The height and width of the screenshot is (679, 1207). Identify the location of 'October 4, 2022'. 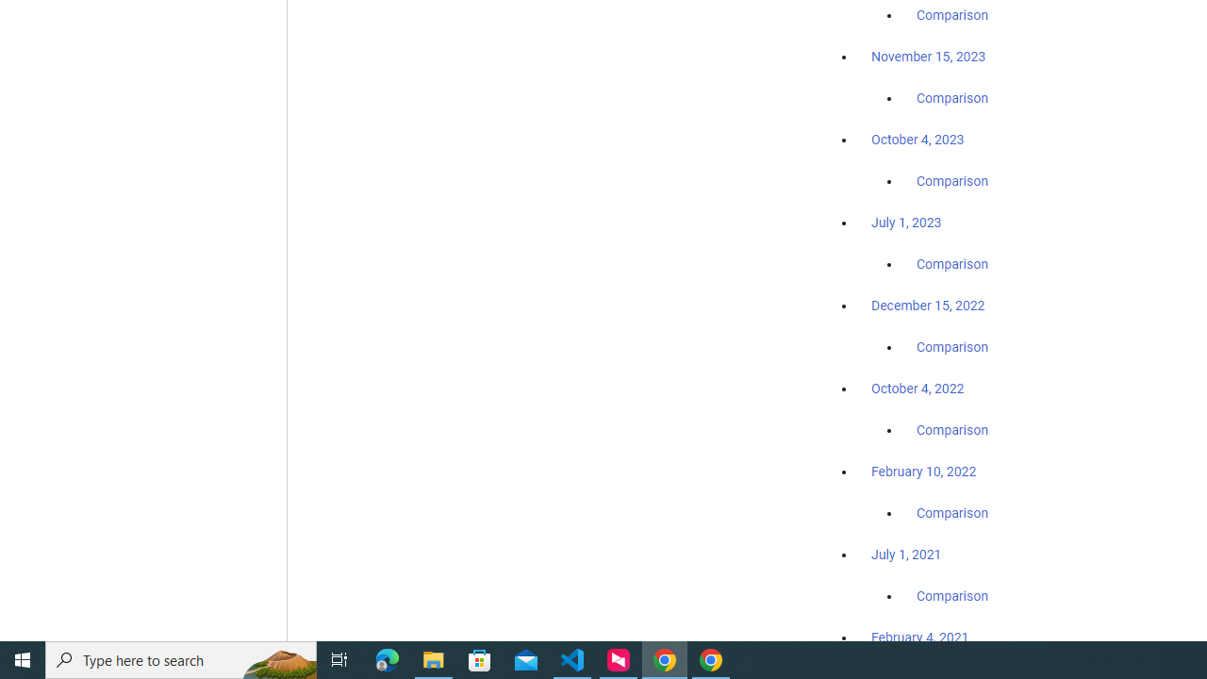
(918, 388).